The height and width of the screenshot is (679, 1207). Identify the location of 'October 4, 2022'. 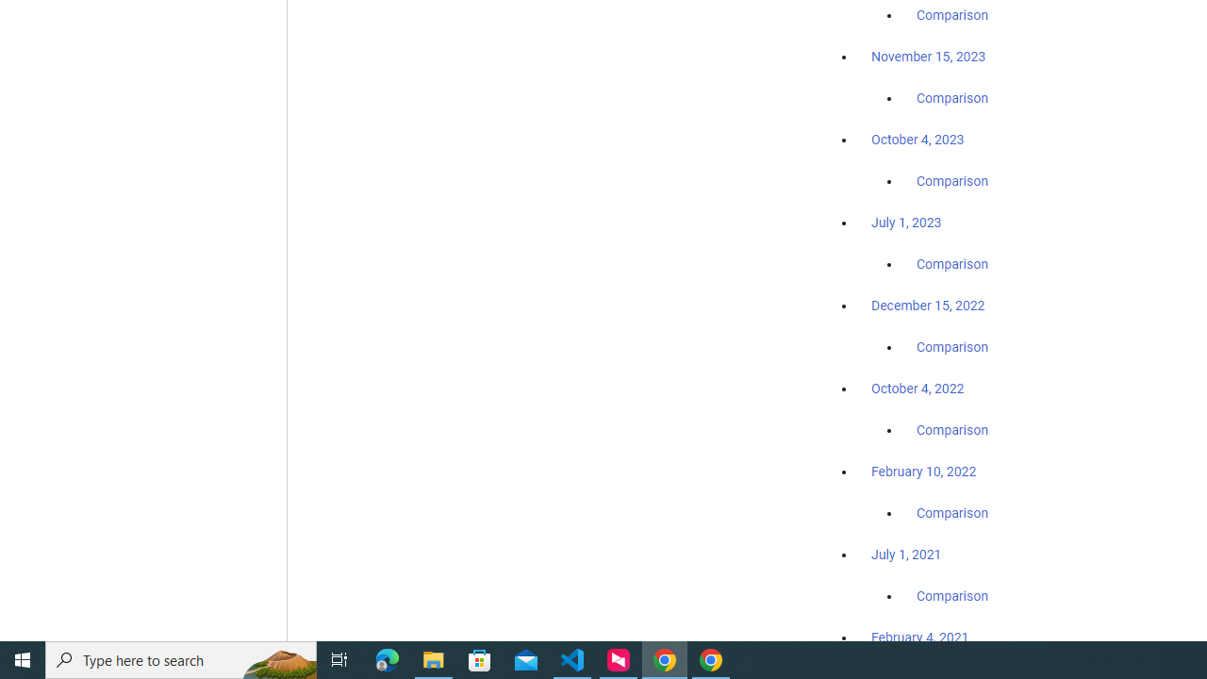
(918, 388).